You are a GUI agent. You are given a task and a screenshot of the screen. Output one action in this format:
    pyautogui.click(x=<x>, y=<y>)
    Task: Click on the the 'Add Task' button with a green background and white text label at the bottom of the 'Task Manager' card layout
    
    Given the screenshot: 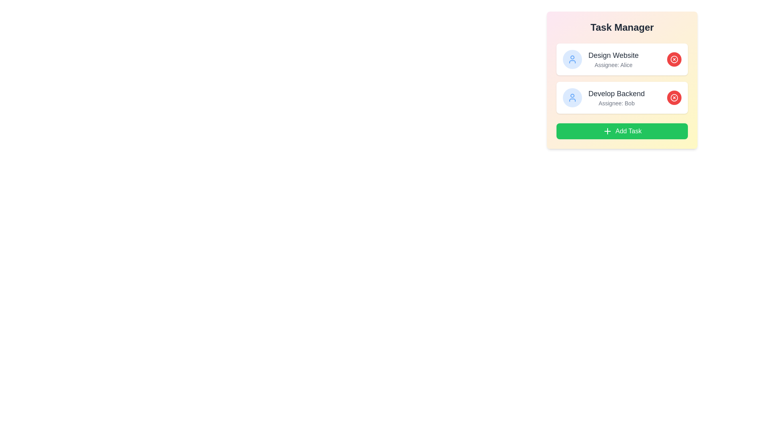 What is the action you would take?
    pyautogui.click(x=622, y=130)
    